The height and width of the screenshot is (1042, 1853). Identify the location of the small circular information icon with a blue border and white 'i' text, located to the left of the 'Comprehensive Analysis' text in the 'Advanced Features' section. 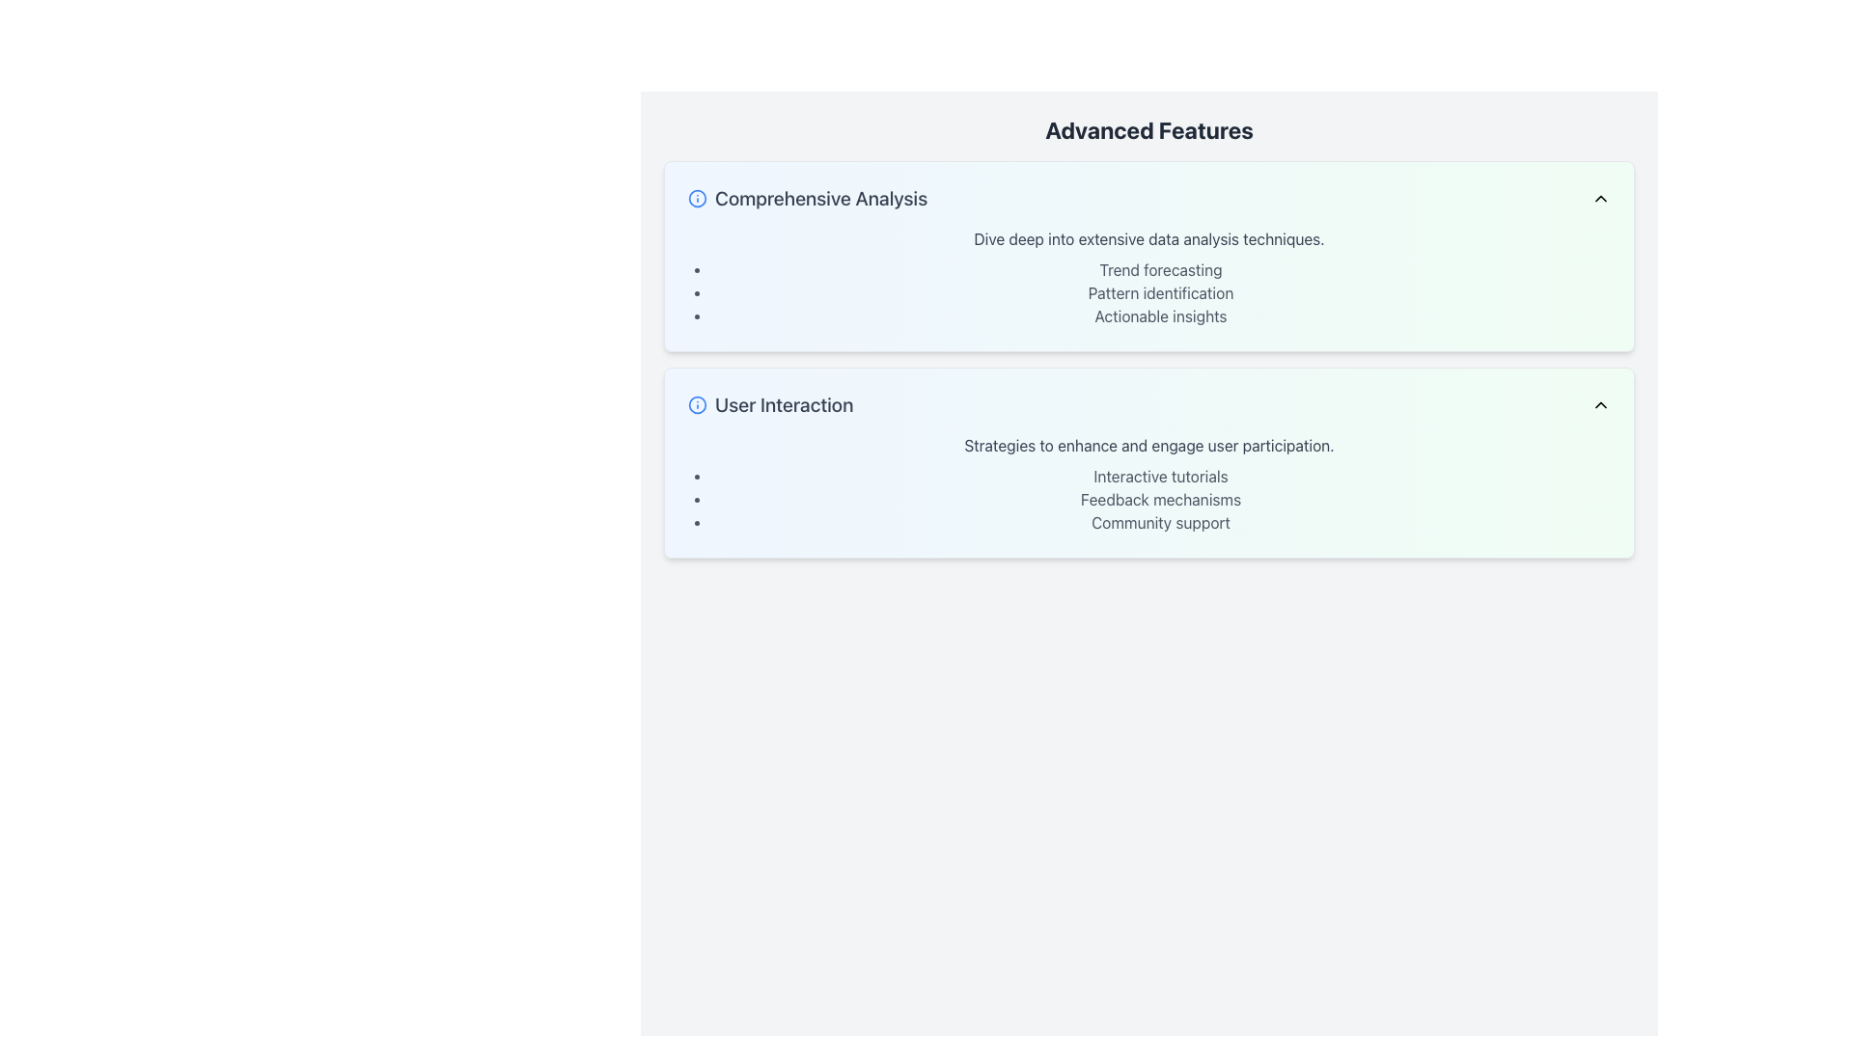
(697, 198).